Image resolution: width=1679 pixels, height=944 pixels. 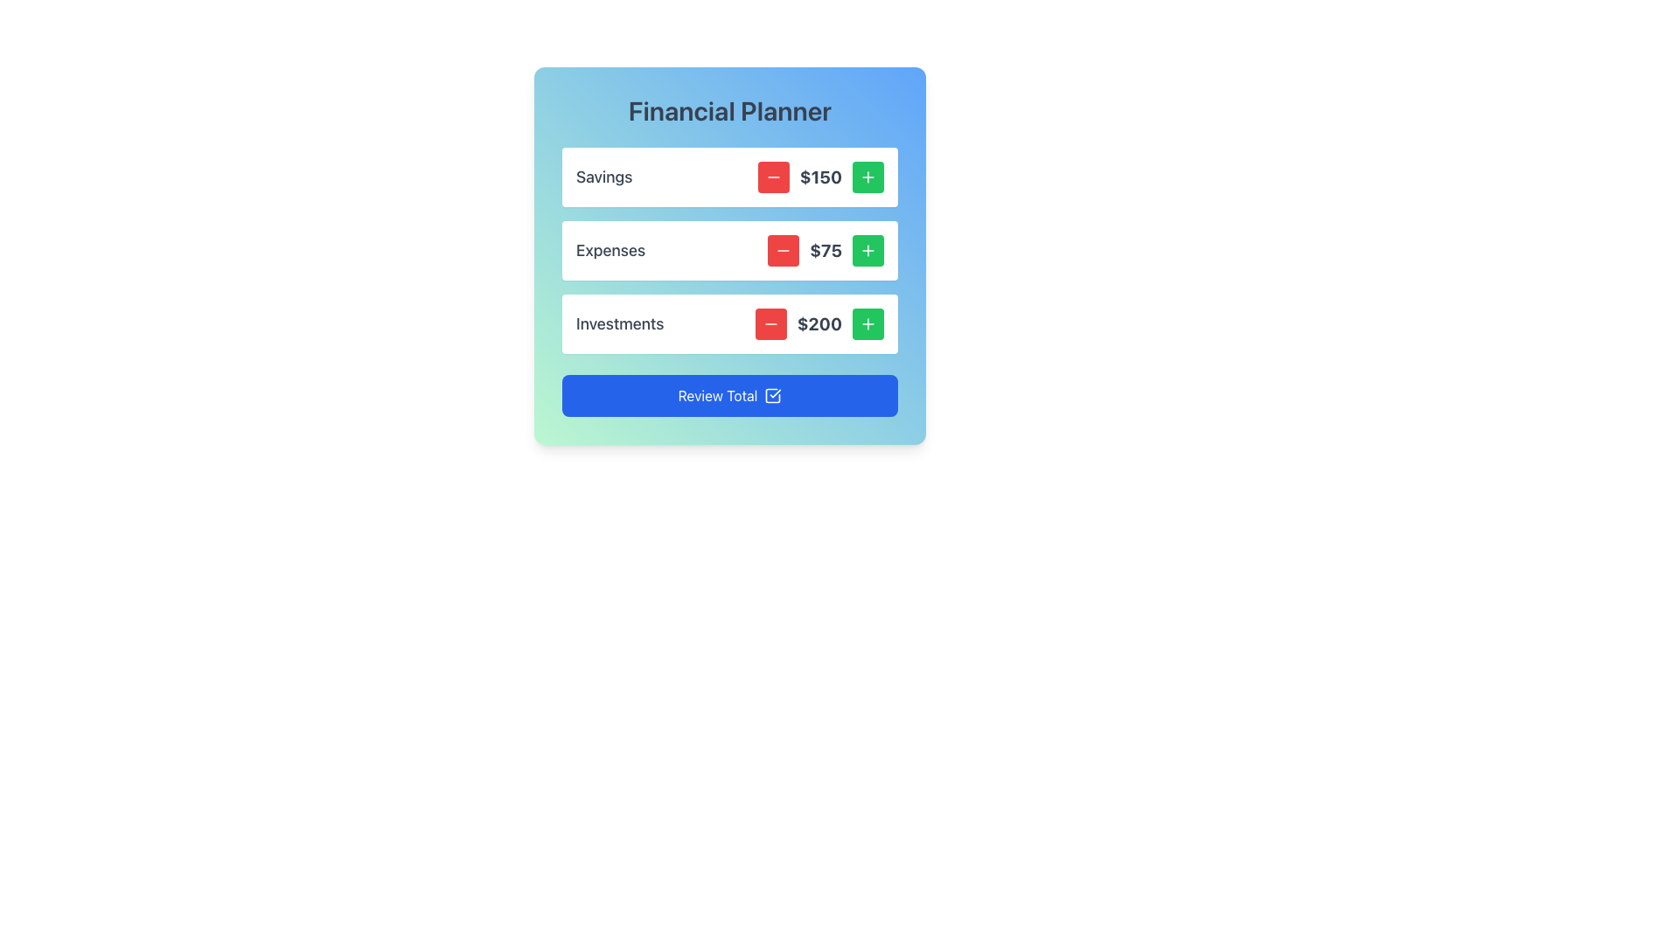 I want to click on the small white plus sign icon located within the green rounded rectangular button at the rightmost position of the 'Investments' row to increment the investment value, so click(x=868, y=323).